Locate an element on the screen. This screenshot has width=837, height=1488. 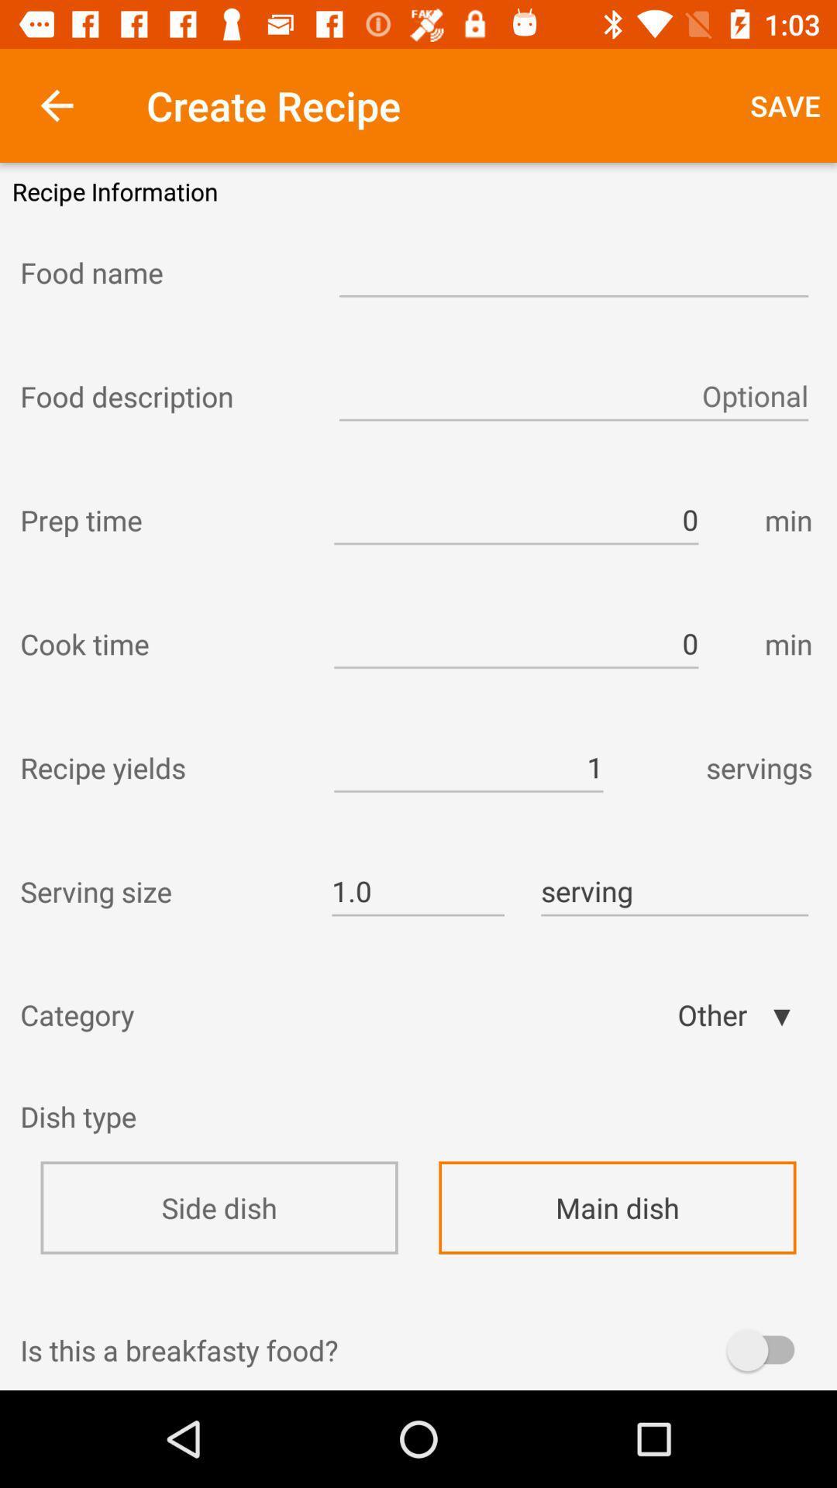
the item next to the 1.0 icon is located at coordinates (161, 891).